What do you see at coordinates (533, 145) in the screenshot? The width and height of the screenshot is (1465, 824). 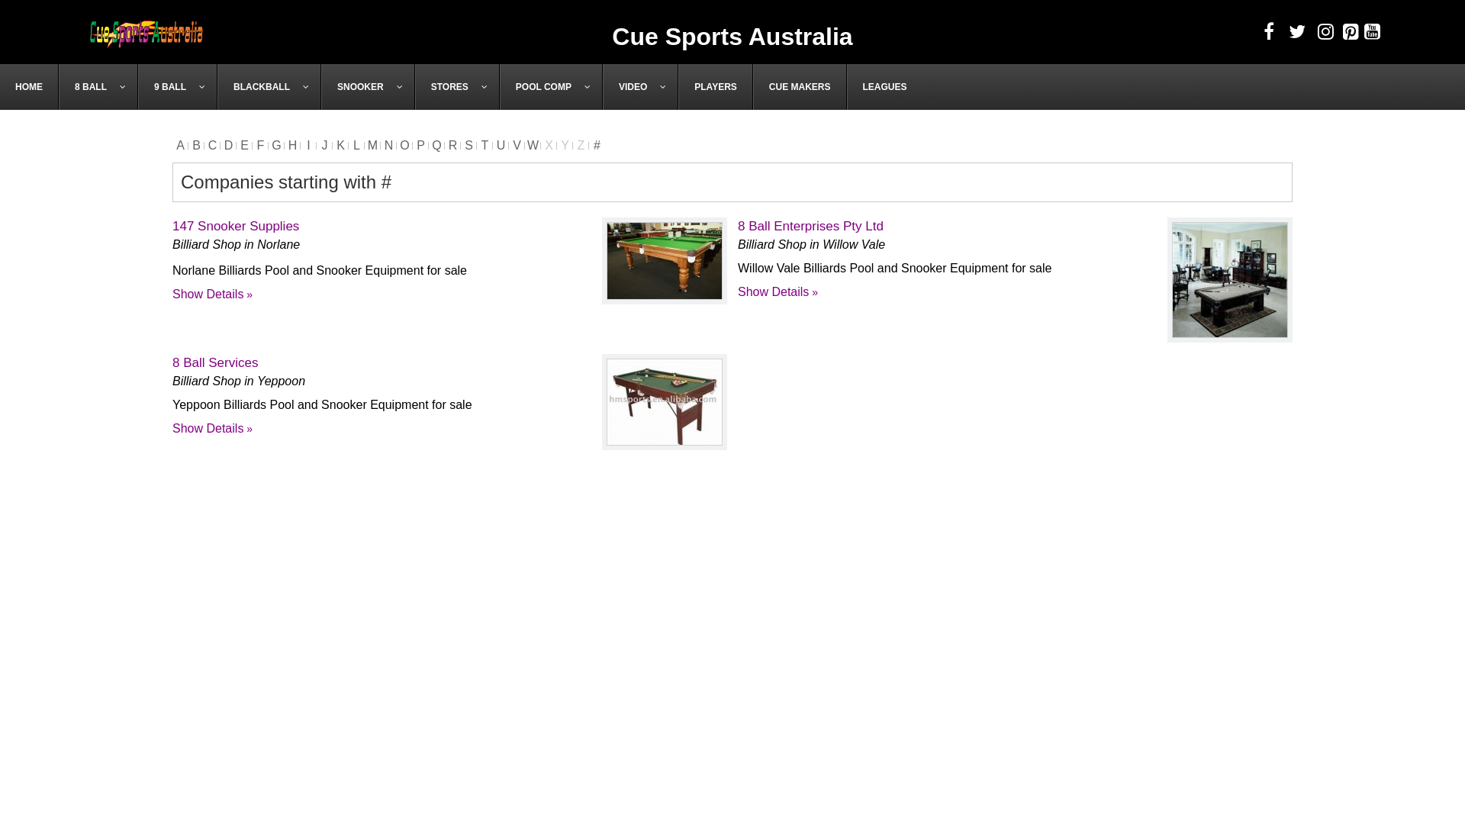 I see `'W'` at bounding box center [533, 145].